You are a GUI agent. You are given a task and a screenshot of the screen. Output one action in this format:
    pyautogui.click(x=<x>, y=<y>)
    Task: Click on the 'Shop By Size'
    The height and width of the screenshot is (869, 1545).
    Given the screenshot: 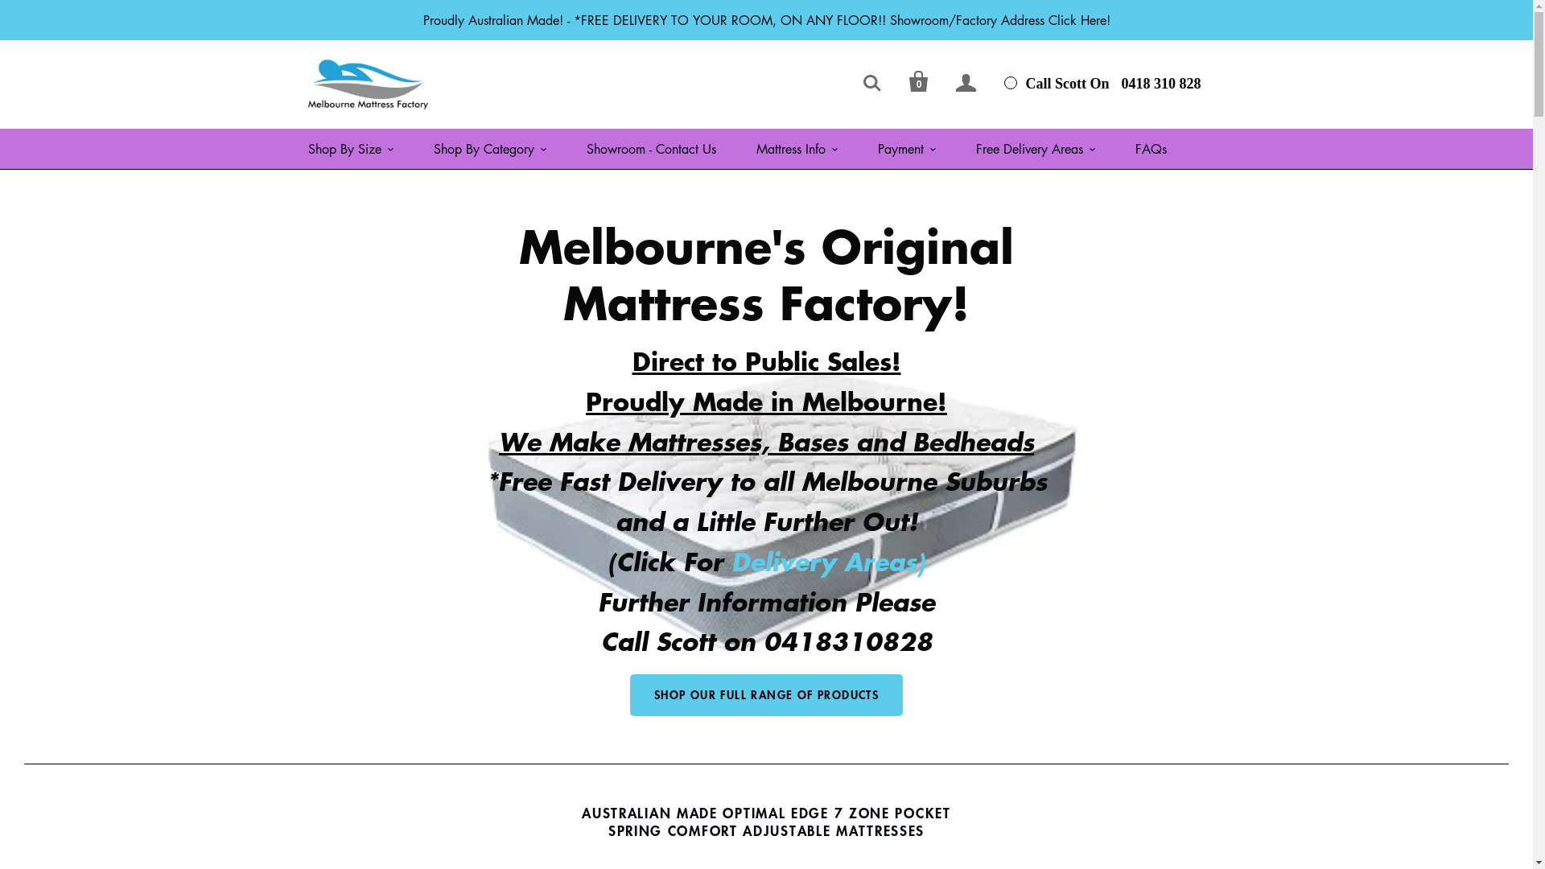 What is the action you would take?
    pyautogui.click(x=349, y=149)
    